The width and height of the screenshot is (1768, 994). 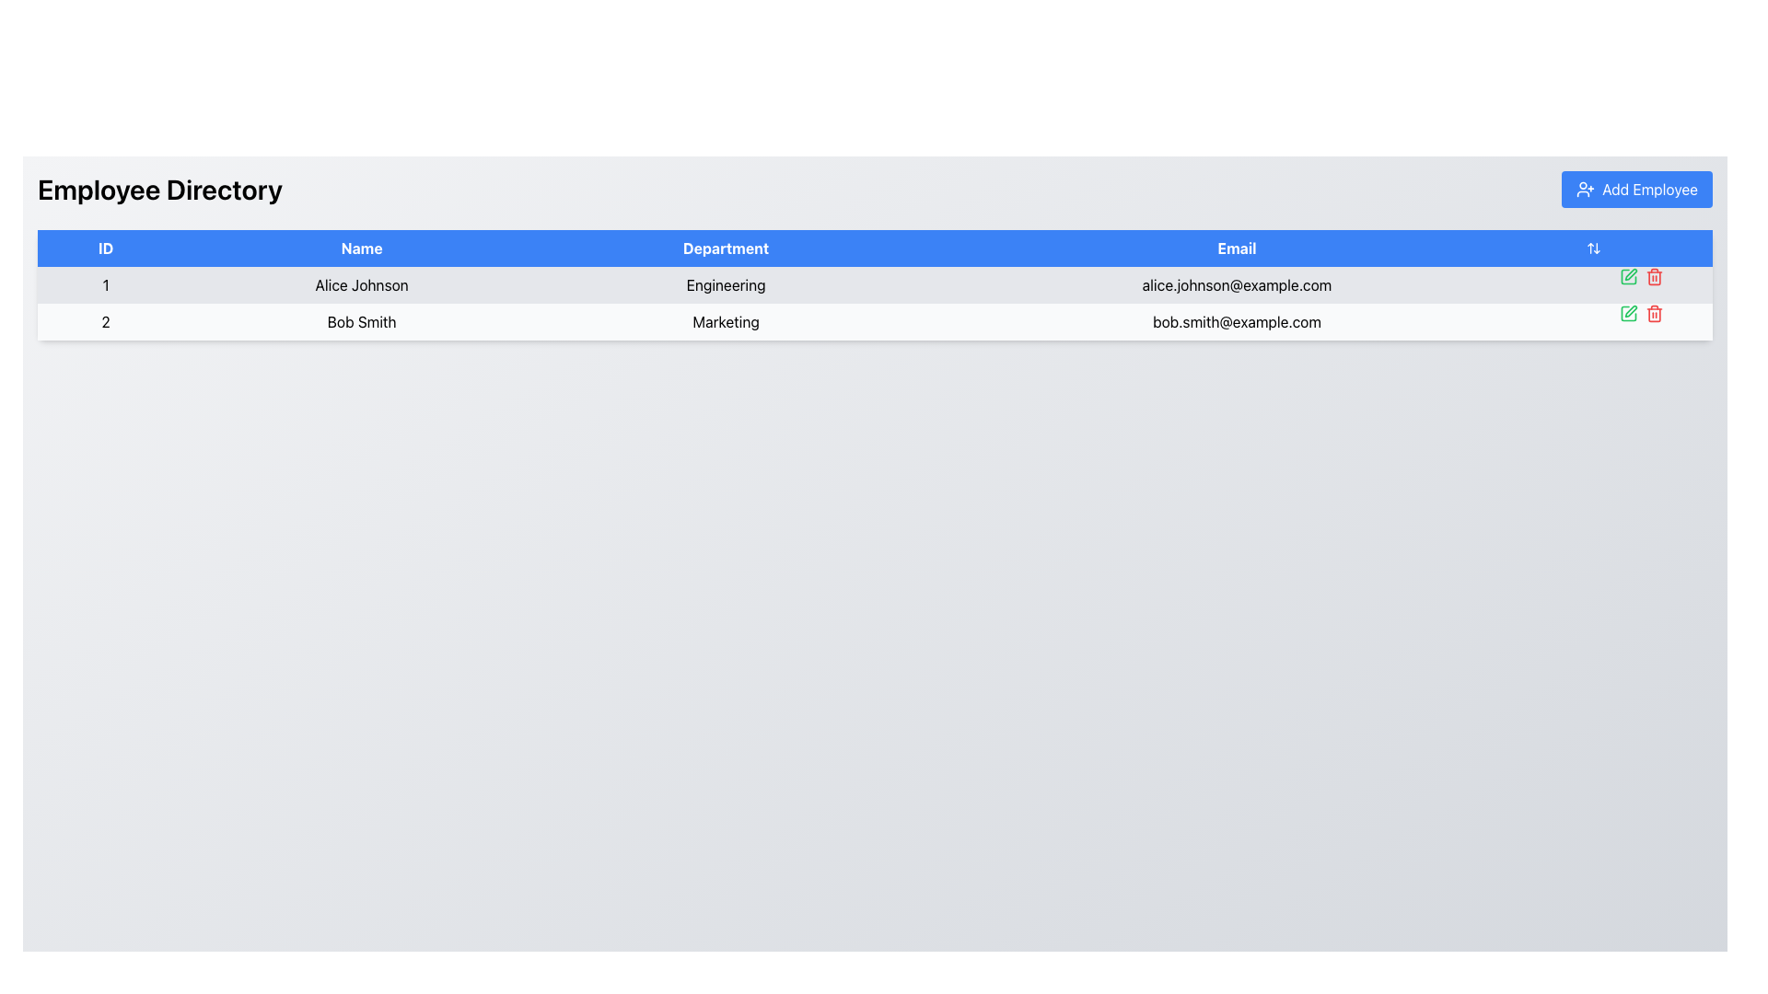 I want to click on the icon button located to the right of the email information for the first employee in the table to initiate the editing function for that row, so click(x=1629, y=276).